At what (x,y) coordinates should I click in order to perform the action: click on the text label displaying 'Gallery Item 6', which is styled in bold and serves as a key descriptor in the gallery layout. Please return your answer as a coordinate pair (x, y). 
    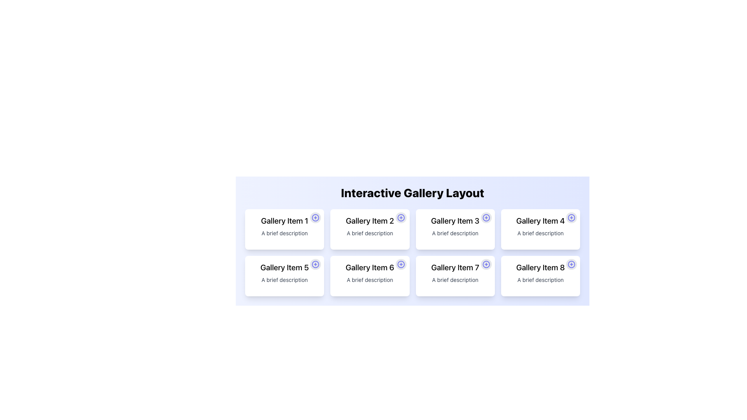
    Looking at the image, I should click on (369, 267).